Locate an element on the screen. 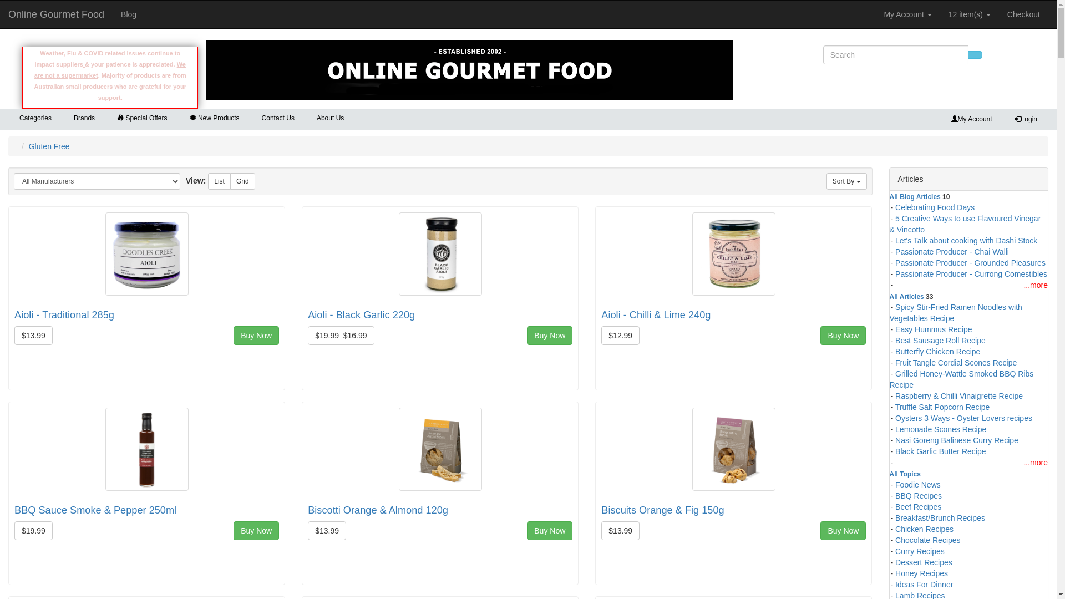 The height and width of the screenshot is (599, 1065). 'Special Offers' is located at coordinates (141, 118).